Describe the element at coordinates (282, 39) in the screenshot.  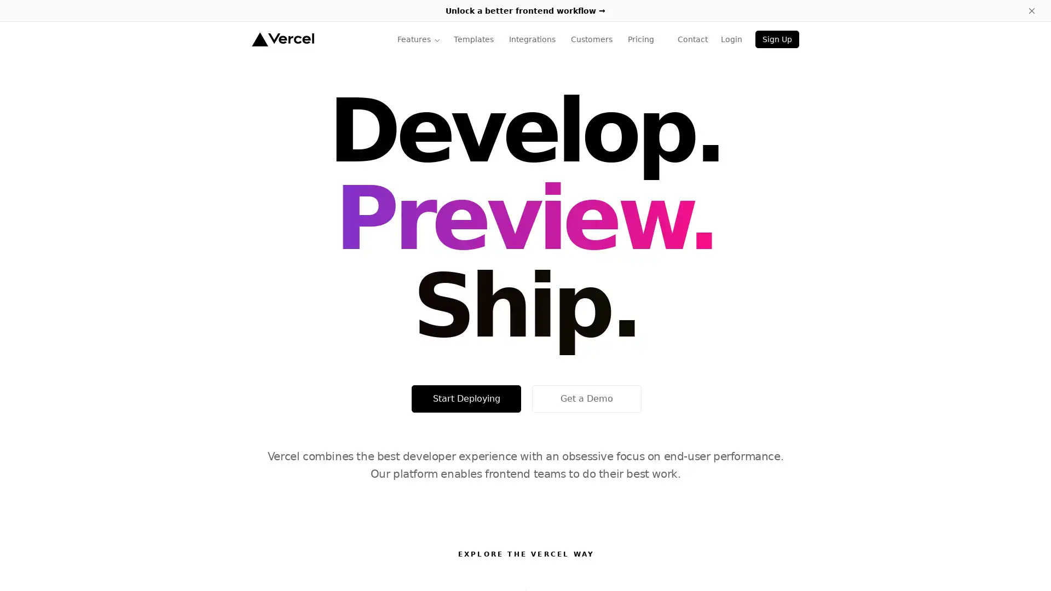
I see `home` at that location.